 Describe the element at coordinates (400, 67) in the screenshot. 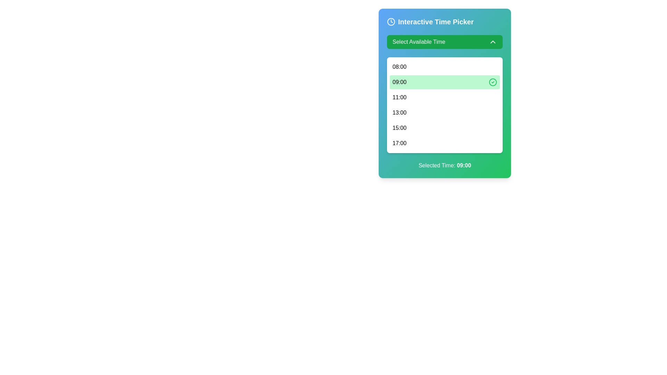

I see `the topmost time option in the time picker dropdown` at that location.